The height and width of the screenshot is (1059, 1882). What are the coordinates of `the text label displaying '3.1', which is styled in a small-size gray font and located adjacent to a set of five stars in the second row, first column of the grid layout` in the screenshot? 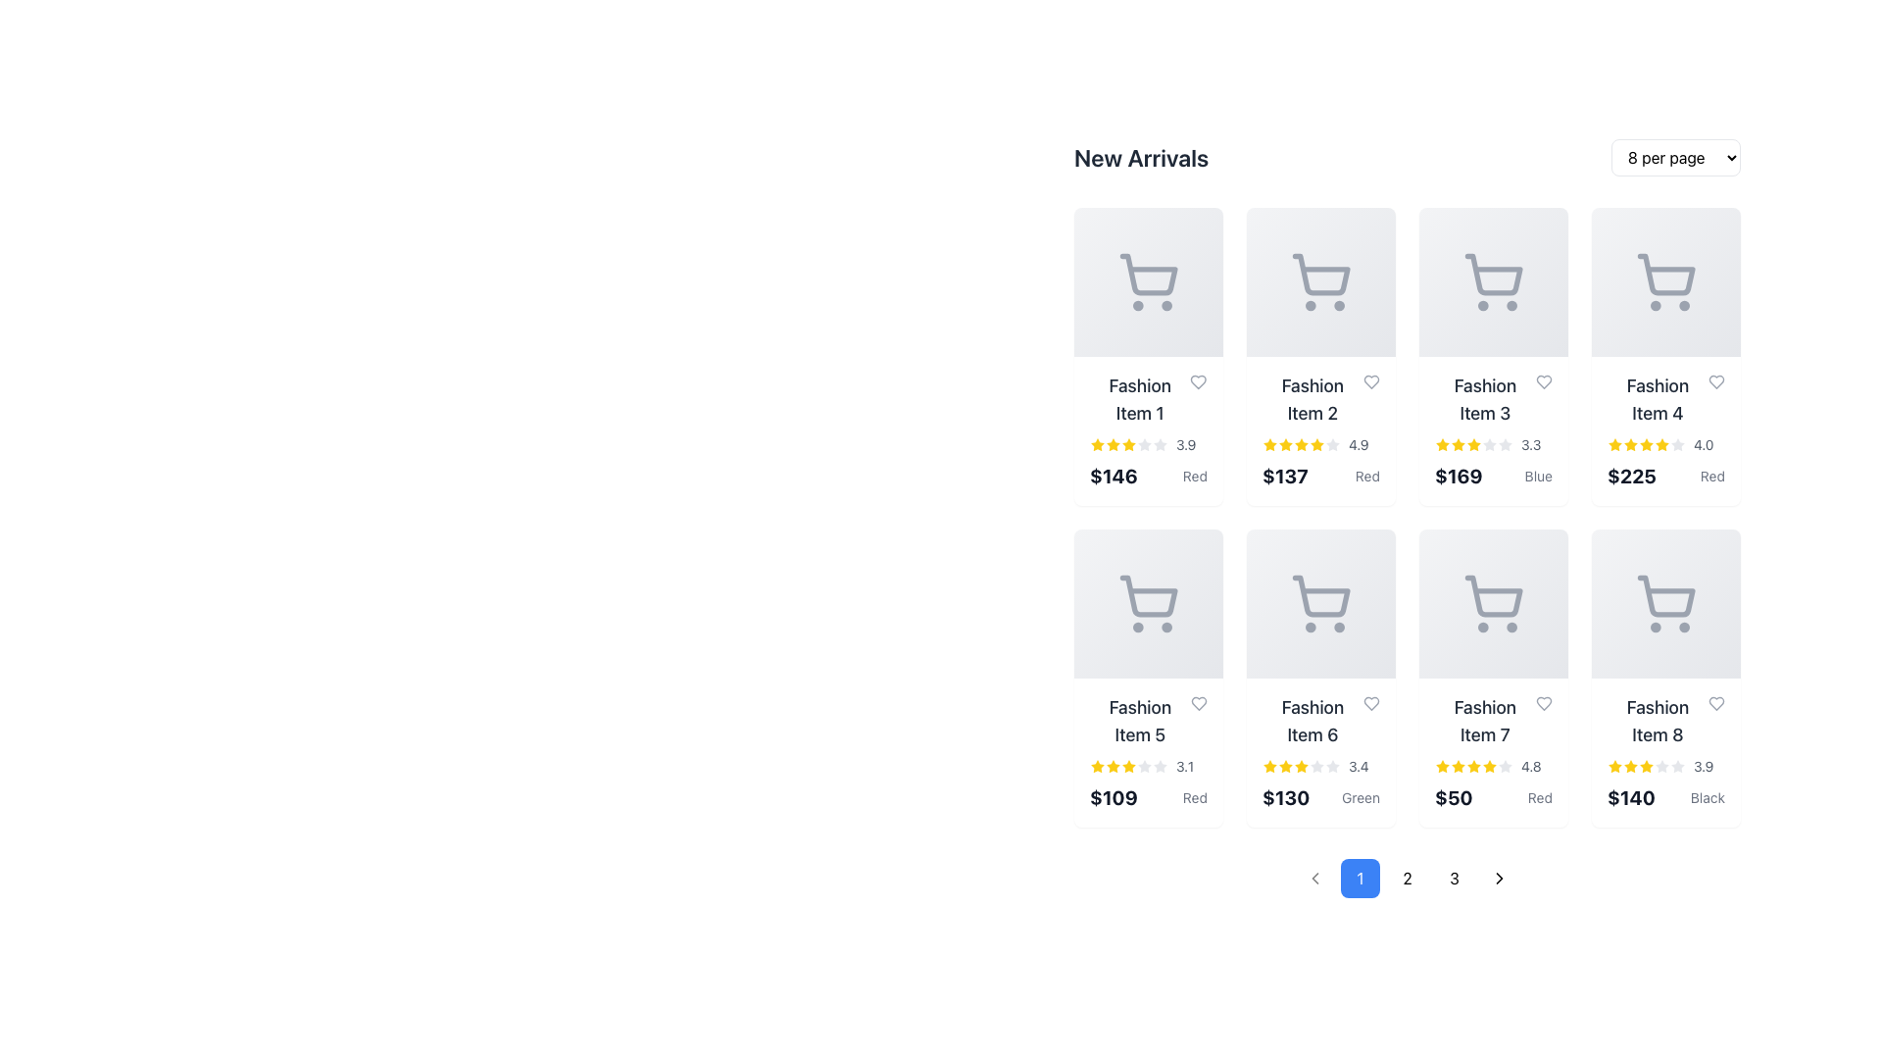 It's located at (1184, 766).